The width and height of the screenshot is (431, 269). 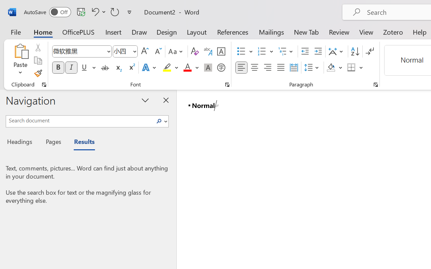 I want to click on 'Change Case', so click(x=176, y=51).